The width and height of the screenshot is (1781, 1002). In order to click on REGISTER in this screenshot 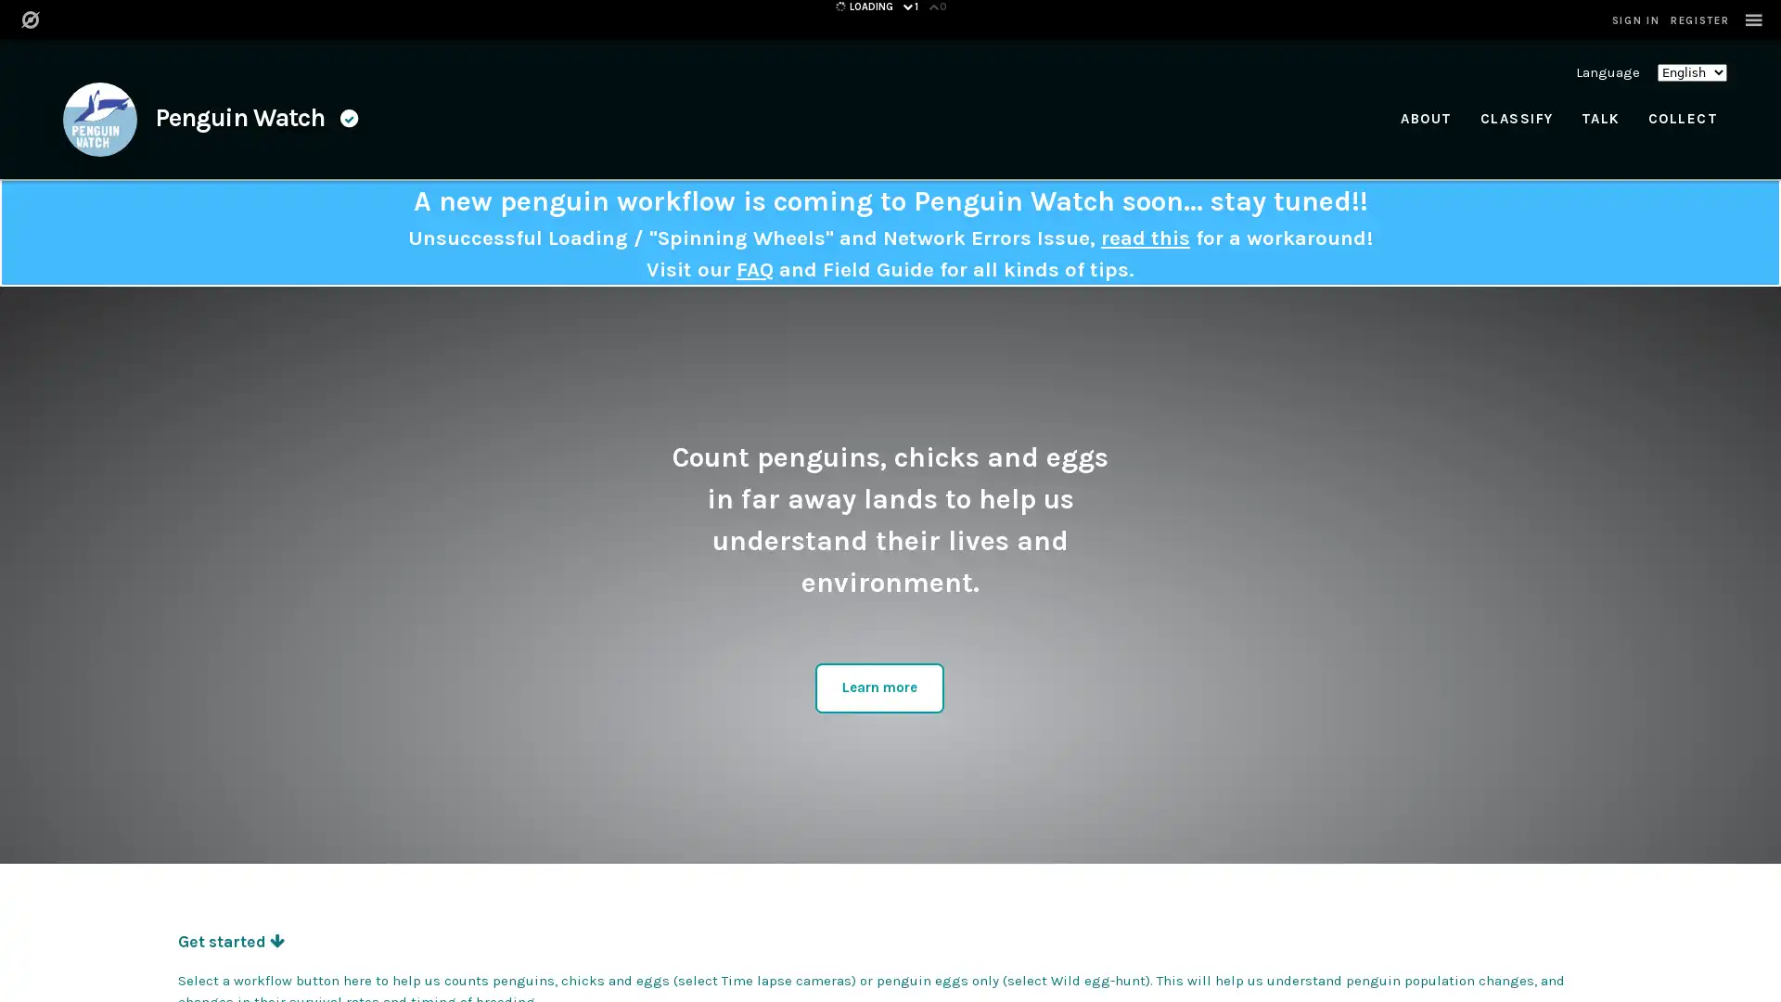, I will do `click(1729, 21)`.